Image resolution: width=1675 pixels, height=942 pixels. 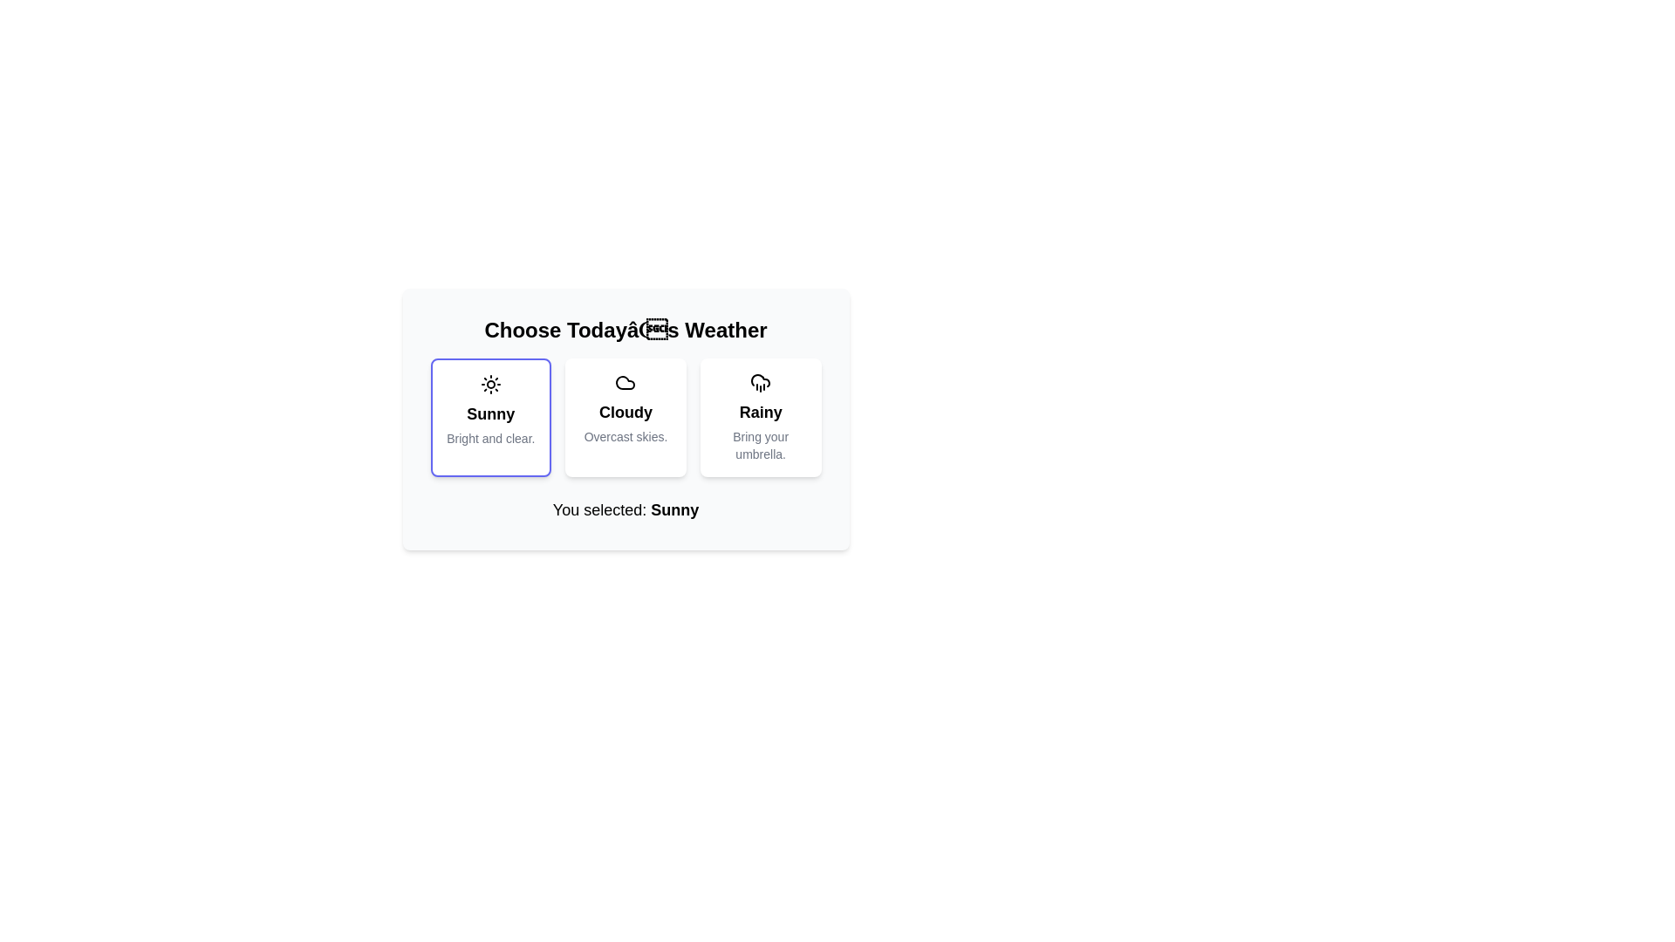 I want to click on the static text label identifying the 'Sunny' weather choice, which is centrally positioned in the first column of a three-column layout, below a sun icon and above the descriptive text 'Bright and clear.', so click(x=489, y=413).